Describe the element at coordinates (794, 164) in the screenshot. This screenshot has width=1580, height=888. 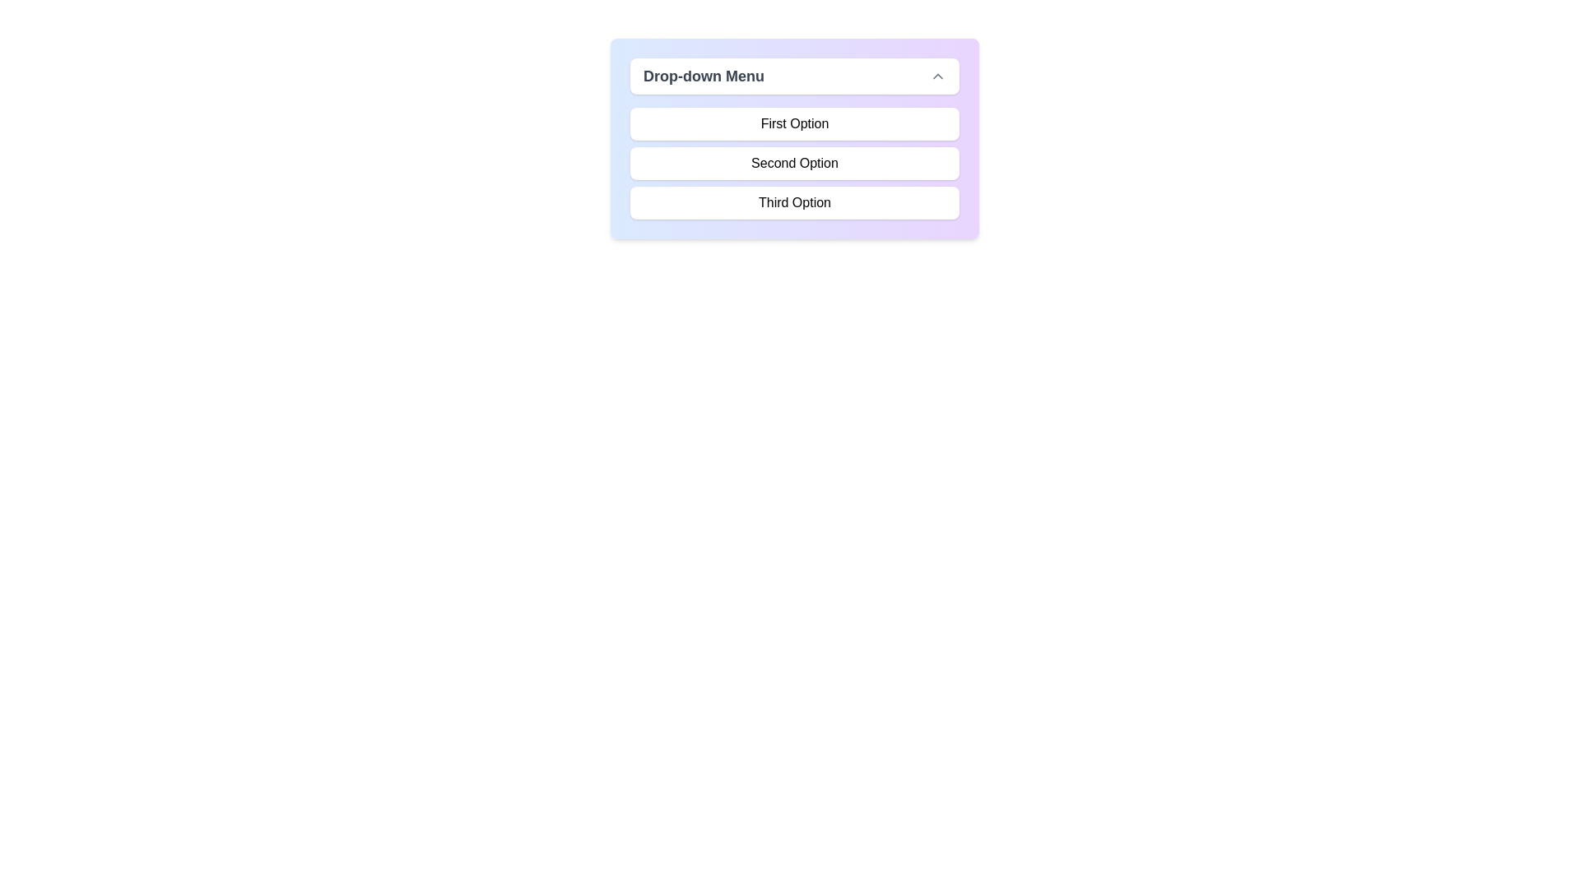
I see `the second menu option in the dropdown menu, located directly below 'First Option' and above 'Third Option'` at that location.